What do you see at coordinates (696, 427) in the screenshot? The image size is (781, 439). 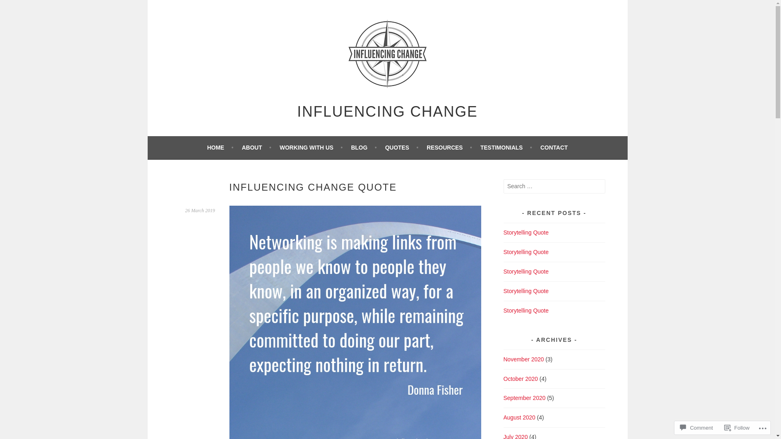 I see `'Comment'` at bounding box center [696, 427].